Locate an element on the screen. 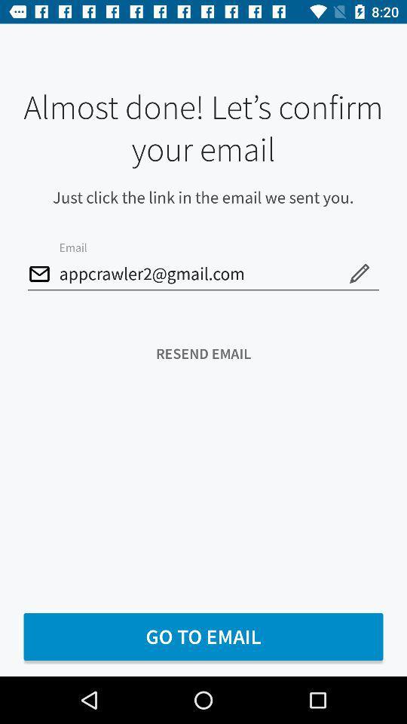 This screenshot has width=407, height=724. appcrawler2@gmail.com is located at coordinates (203, 274).